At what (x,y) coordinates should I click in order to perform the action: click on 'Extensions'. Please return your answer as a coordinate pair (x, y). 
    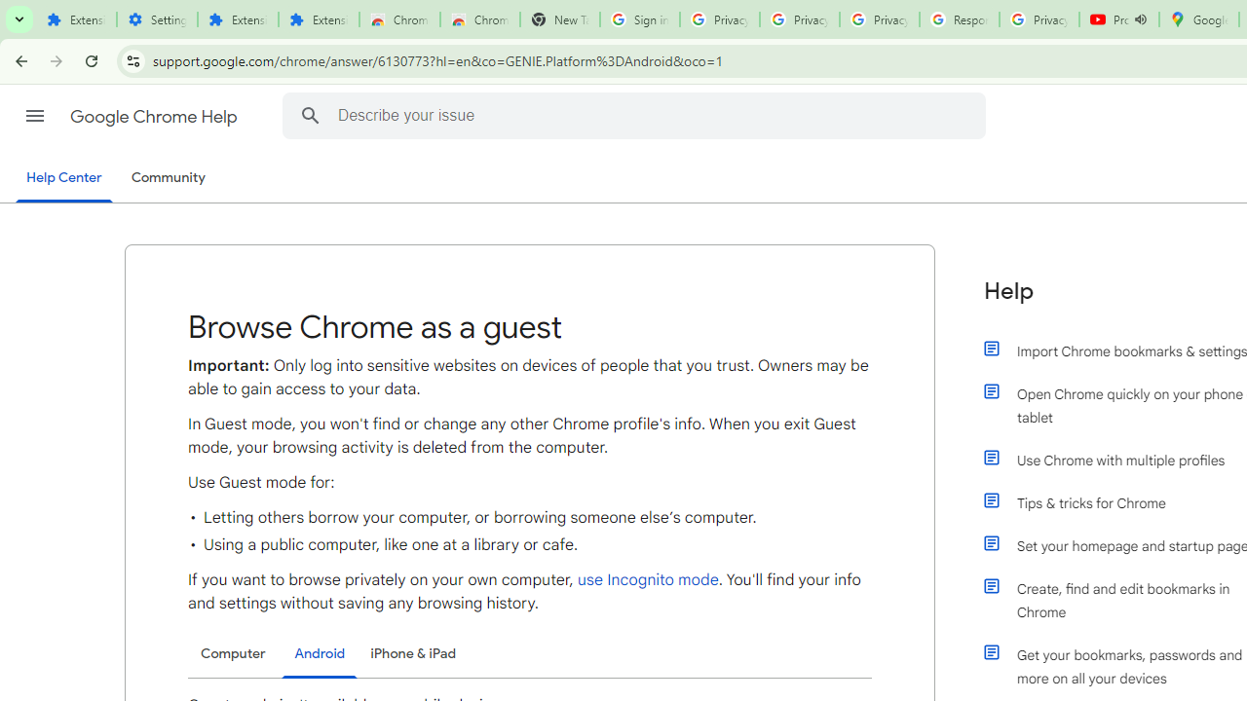
    Looking at the image, I should click on (319, 19).